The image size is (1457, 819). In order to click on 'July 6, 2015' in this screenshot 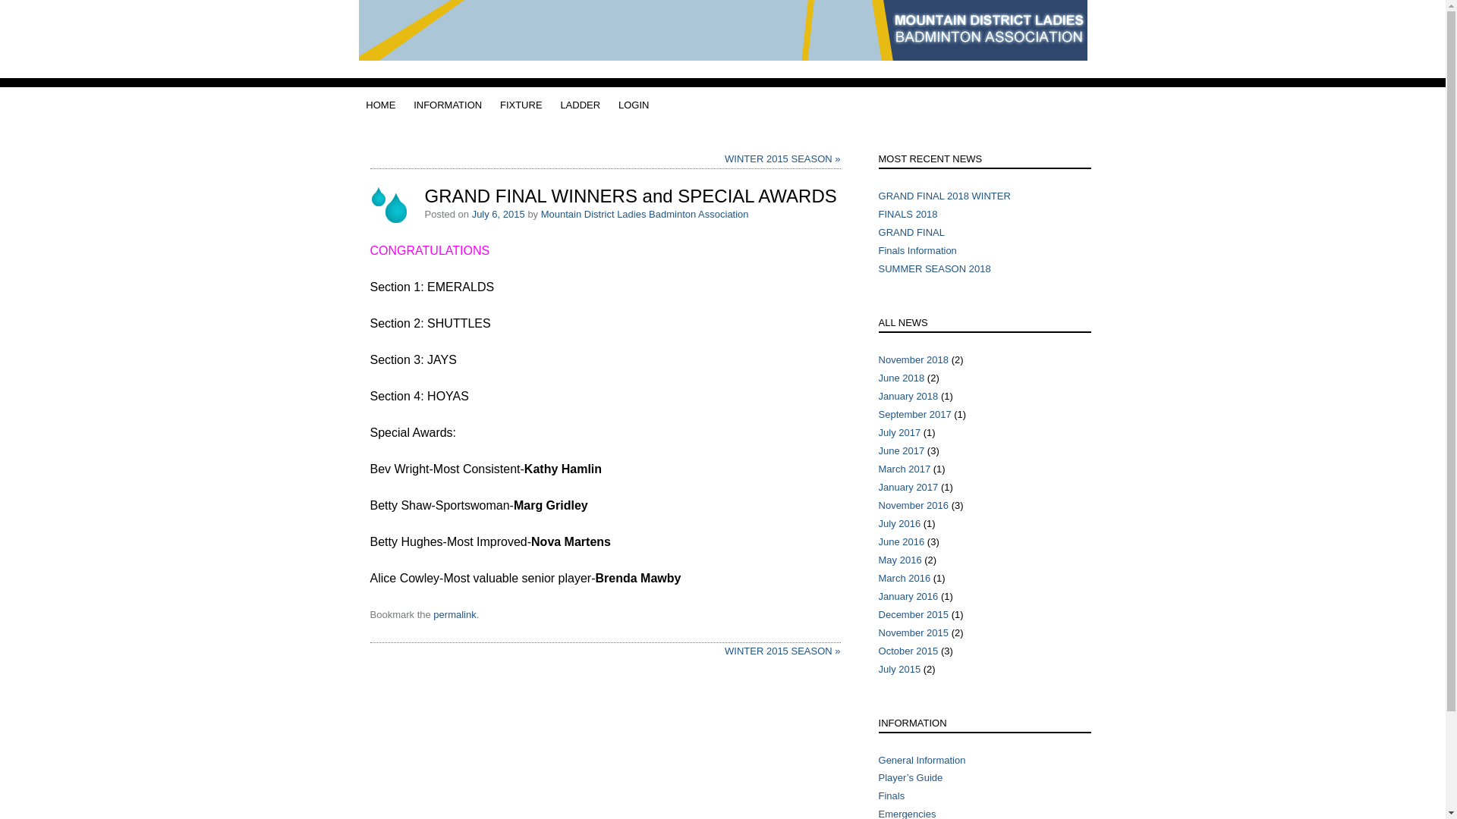, I will do `click(499, 214)`.